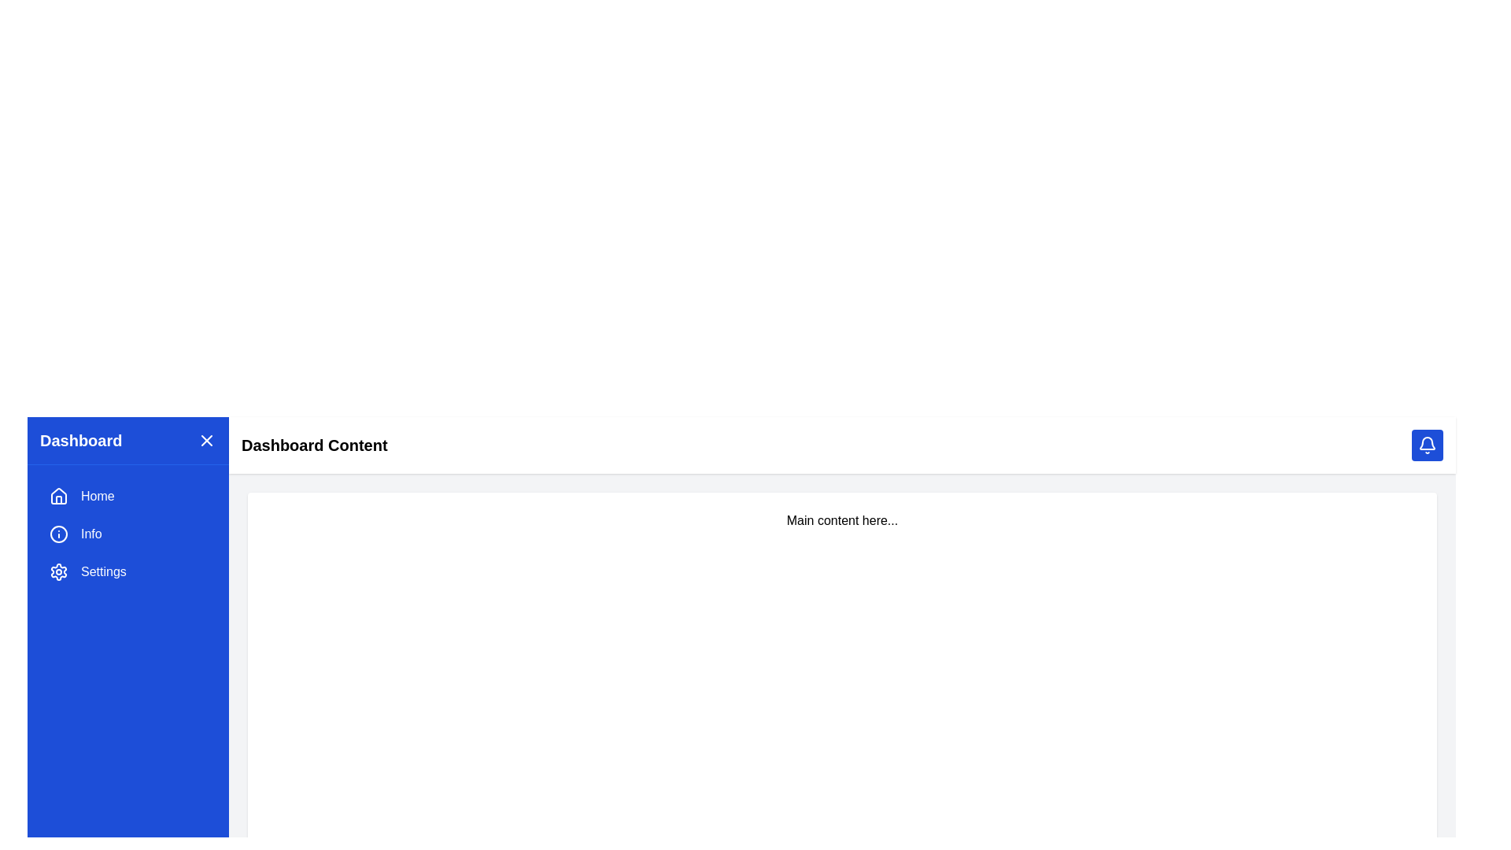  I want to click on the 'Info' button in the navigation menu located in the sidebar, positioned between 'Home' and 'Settings', for accessibility purposes, so click(128, 533).